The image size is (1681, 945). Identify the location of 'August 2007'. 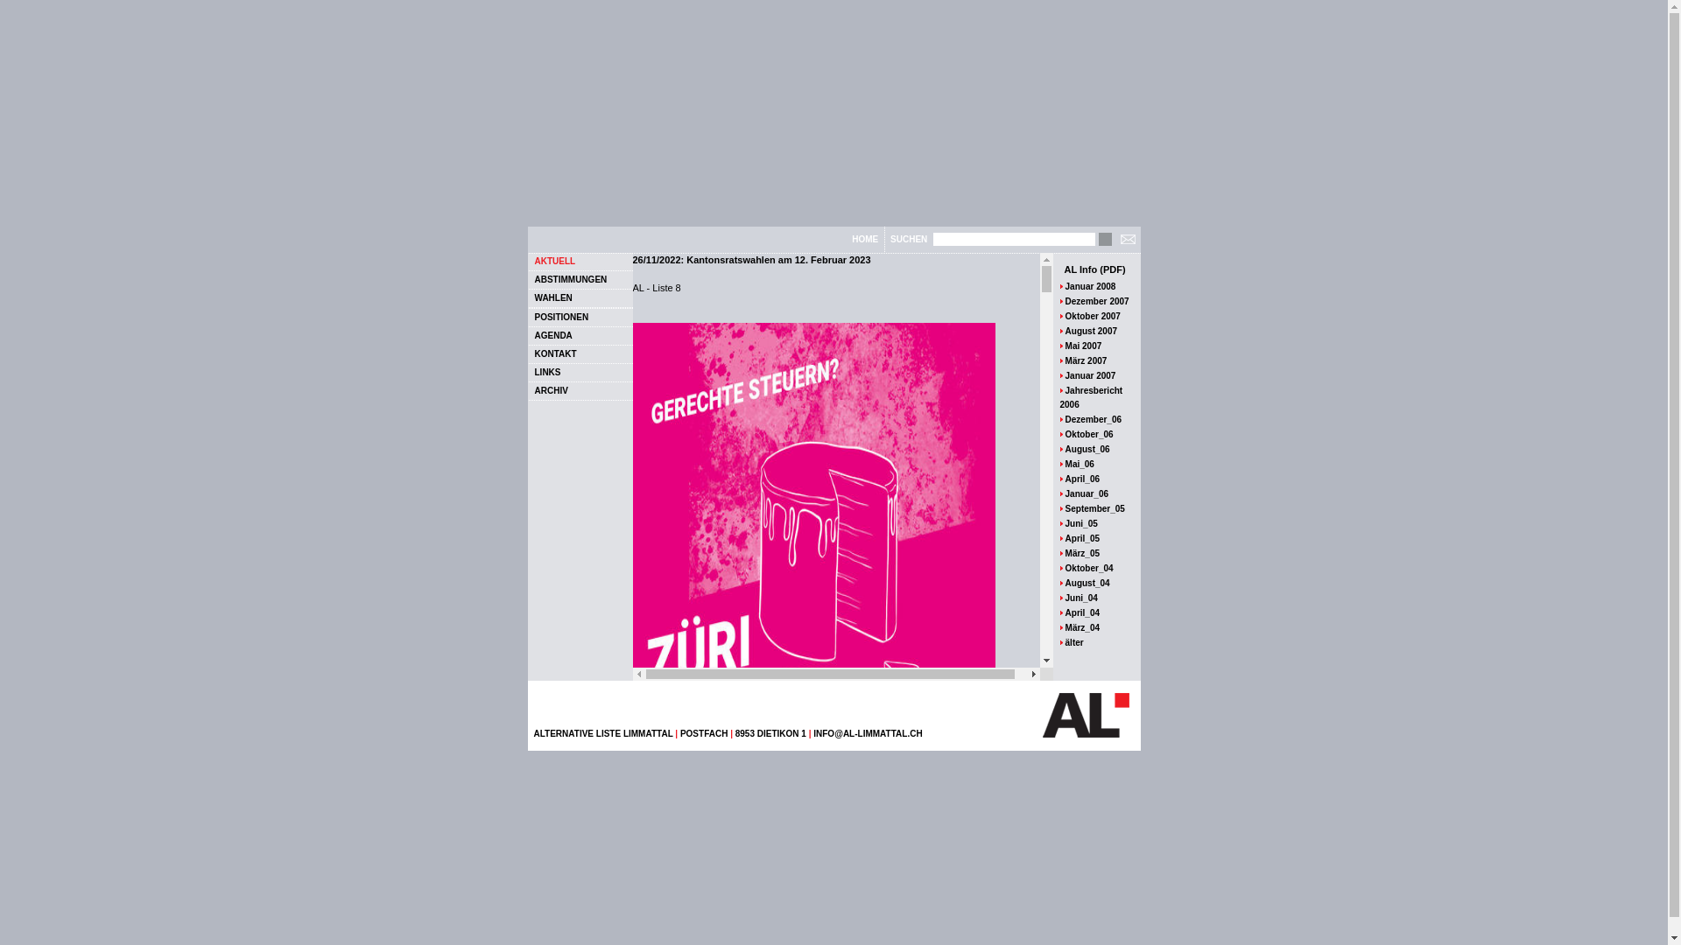
(1090, 330).